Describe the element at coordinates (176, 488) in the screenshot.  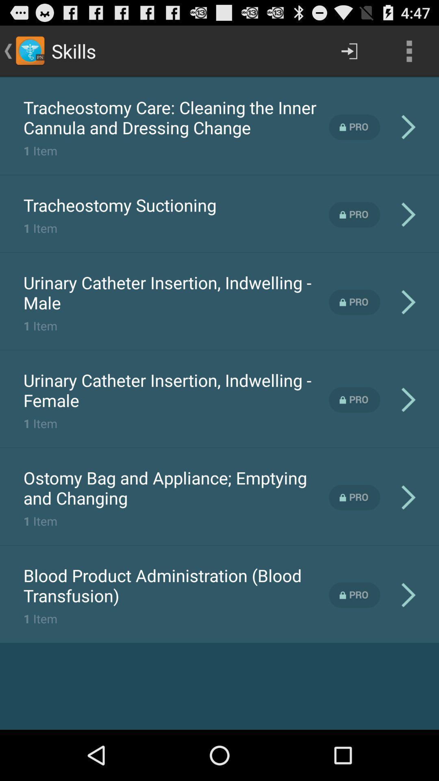
I see `the app above the 1 item item` at that location.